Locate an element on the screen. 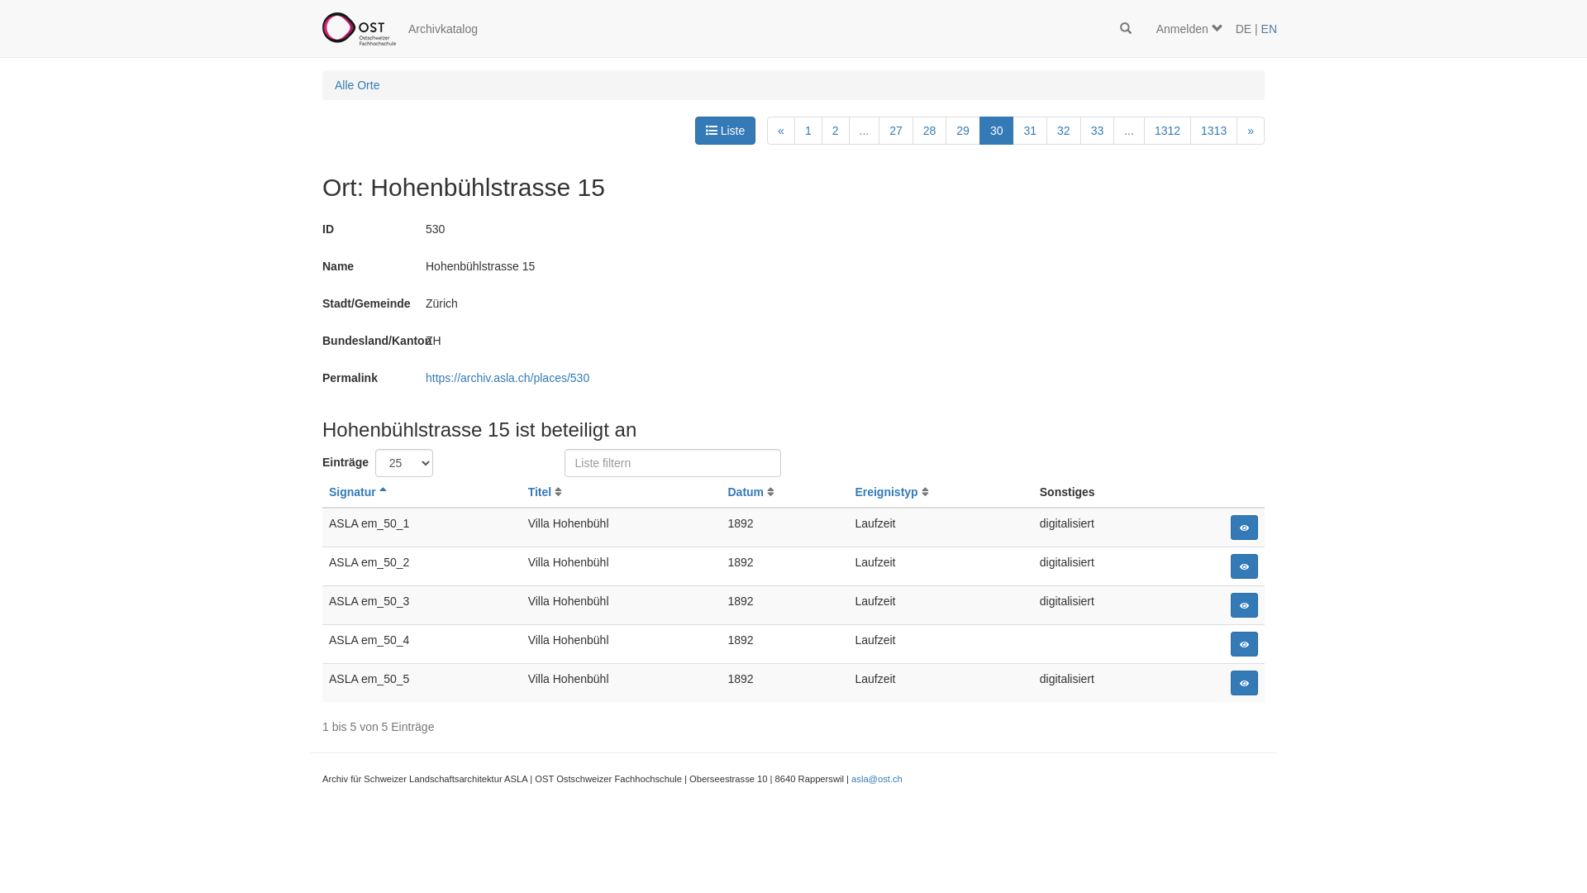  '2' is located at coordinates (836, 130).